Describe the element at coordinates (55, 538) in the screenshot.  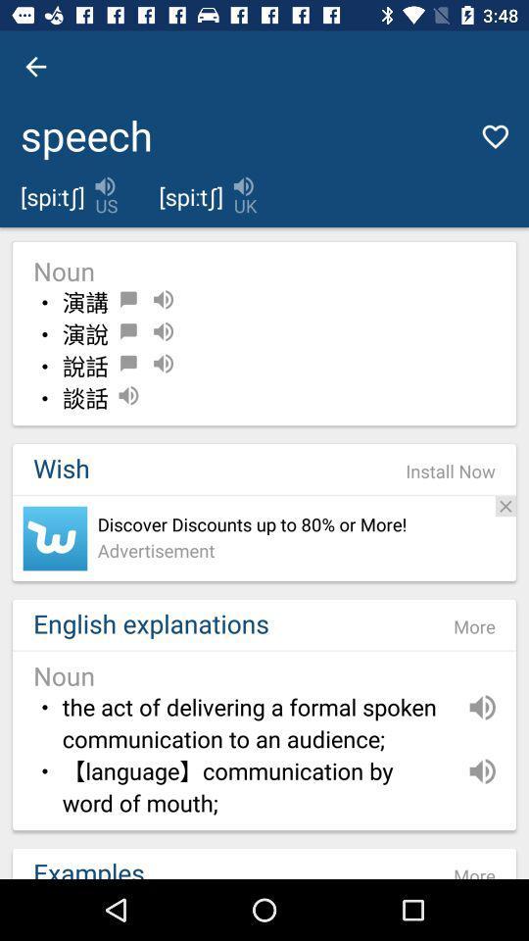
I see `the item above english explanations item` at that location.